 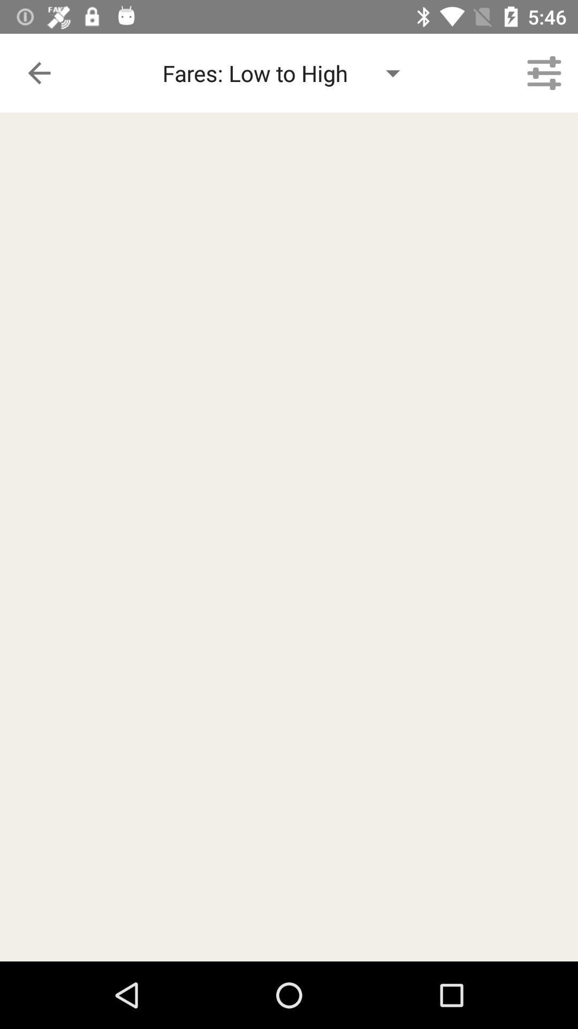 I want to click on the icon to the right of the fares low to item, so click(x=544, y=72).